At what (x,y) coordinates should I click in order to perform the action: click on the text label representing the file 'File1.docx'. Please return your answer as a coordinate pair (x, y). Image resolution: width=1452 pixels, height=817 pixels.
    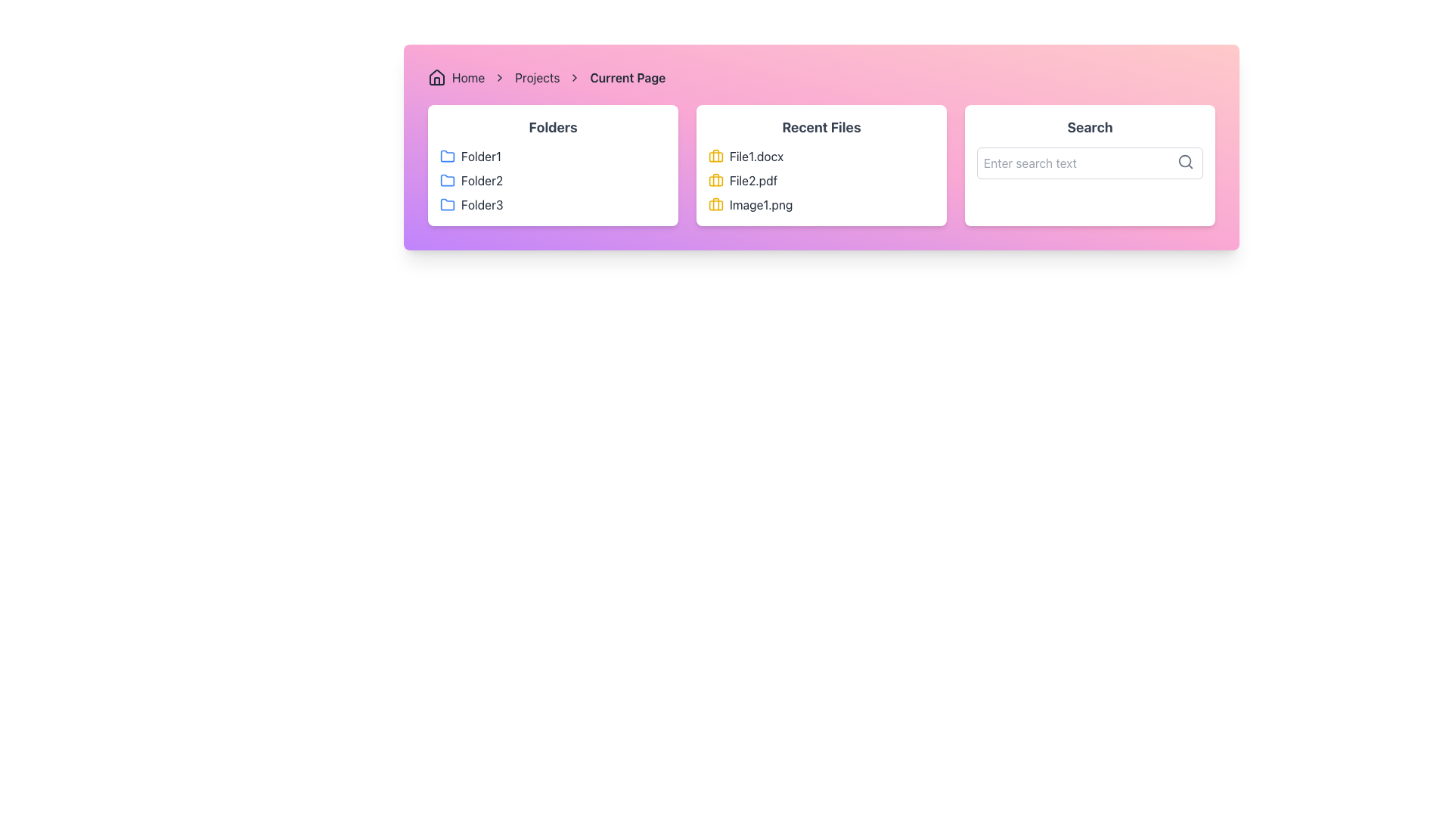
    Looking at the image, I should click on (756, 157).